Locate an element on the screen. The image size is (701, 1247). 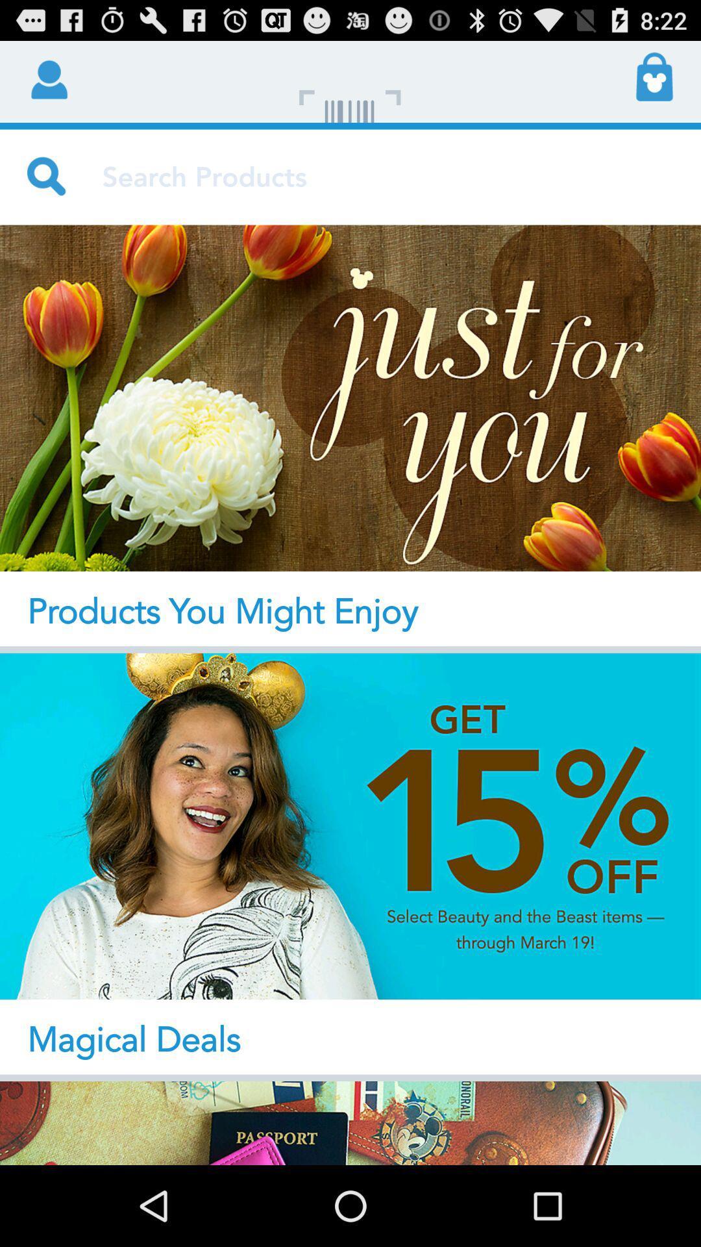
item at the top left corner is located at coordinates (47, 77).